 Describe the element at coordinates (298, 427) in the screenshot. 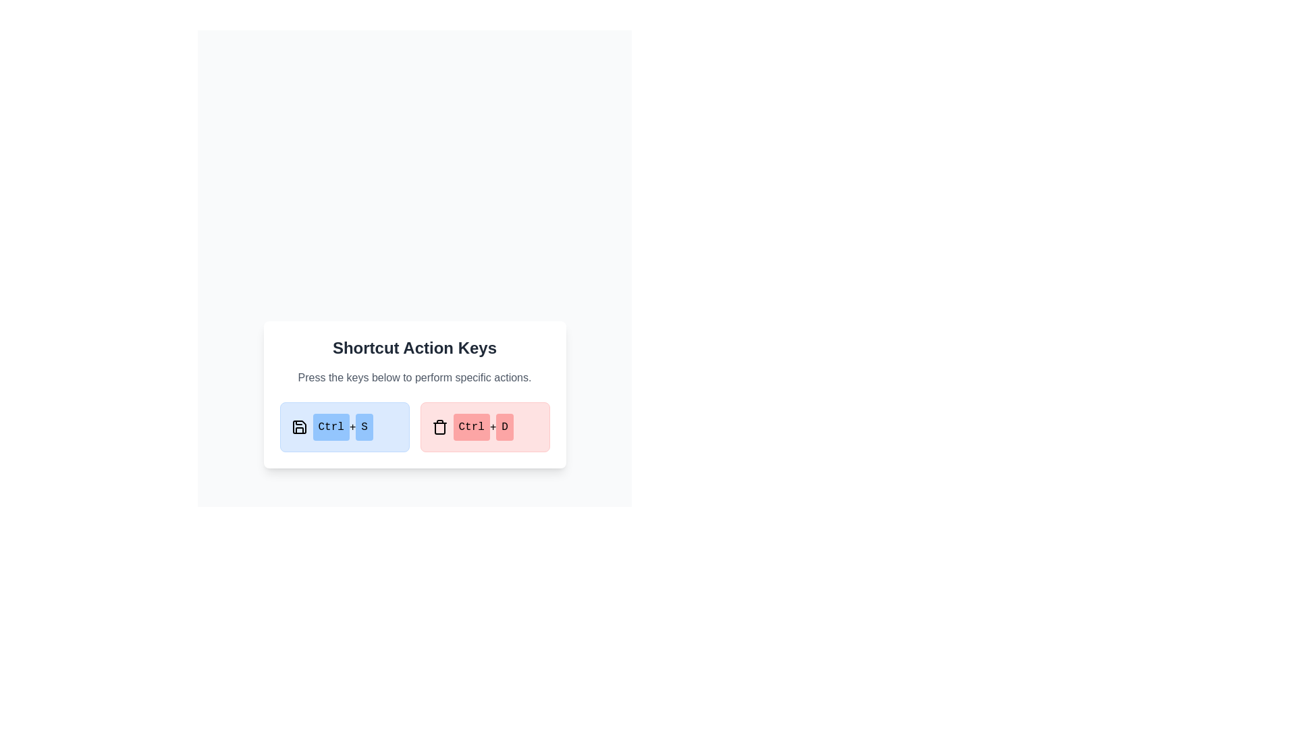

I see `the save icon located within the blue button on the left side of the 'Shortcut Action Keys' section, identified by its proximity to the trash bin icon and the label 'Ctrl + S.'` at that location.